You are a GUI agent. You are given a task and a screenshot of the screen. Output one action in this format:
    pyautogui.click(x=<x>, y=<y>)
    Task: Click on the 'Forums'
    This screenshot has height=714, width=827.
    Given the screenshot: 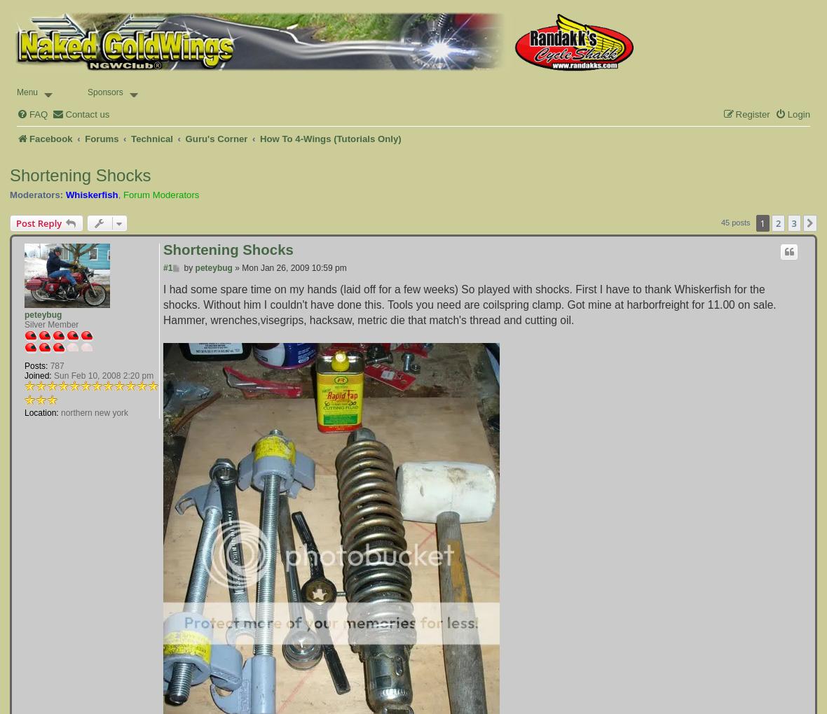 What is the action you would take?
    pyautogui.click(x=101, y=137)
    